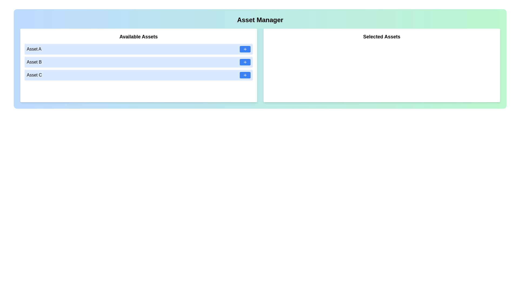 The height and width of the screenshot is (292, 519). Describe the element at coordinates (245, 62) in the screenshot. I see `'+' button for the asset labeled 'Asset B' in the 'Available Assets' section` at that location.